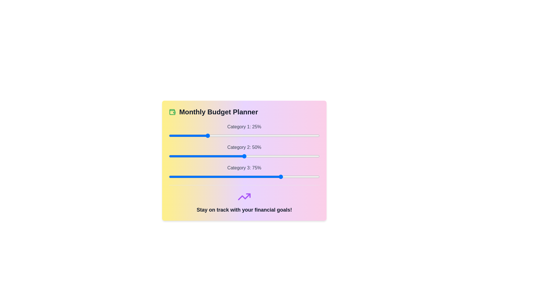  I want to click on the slider for Category 1 to 36%, so click(223, 135).